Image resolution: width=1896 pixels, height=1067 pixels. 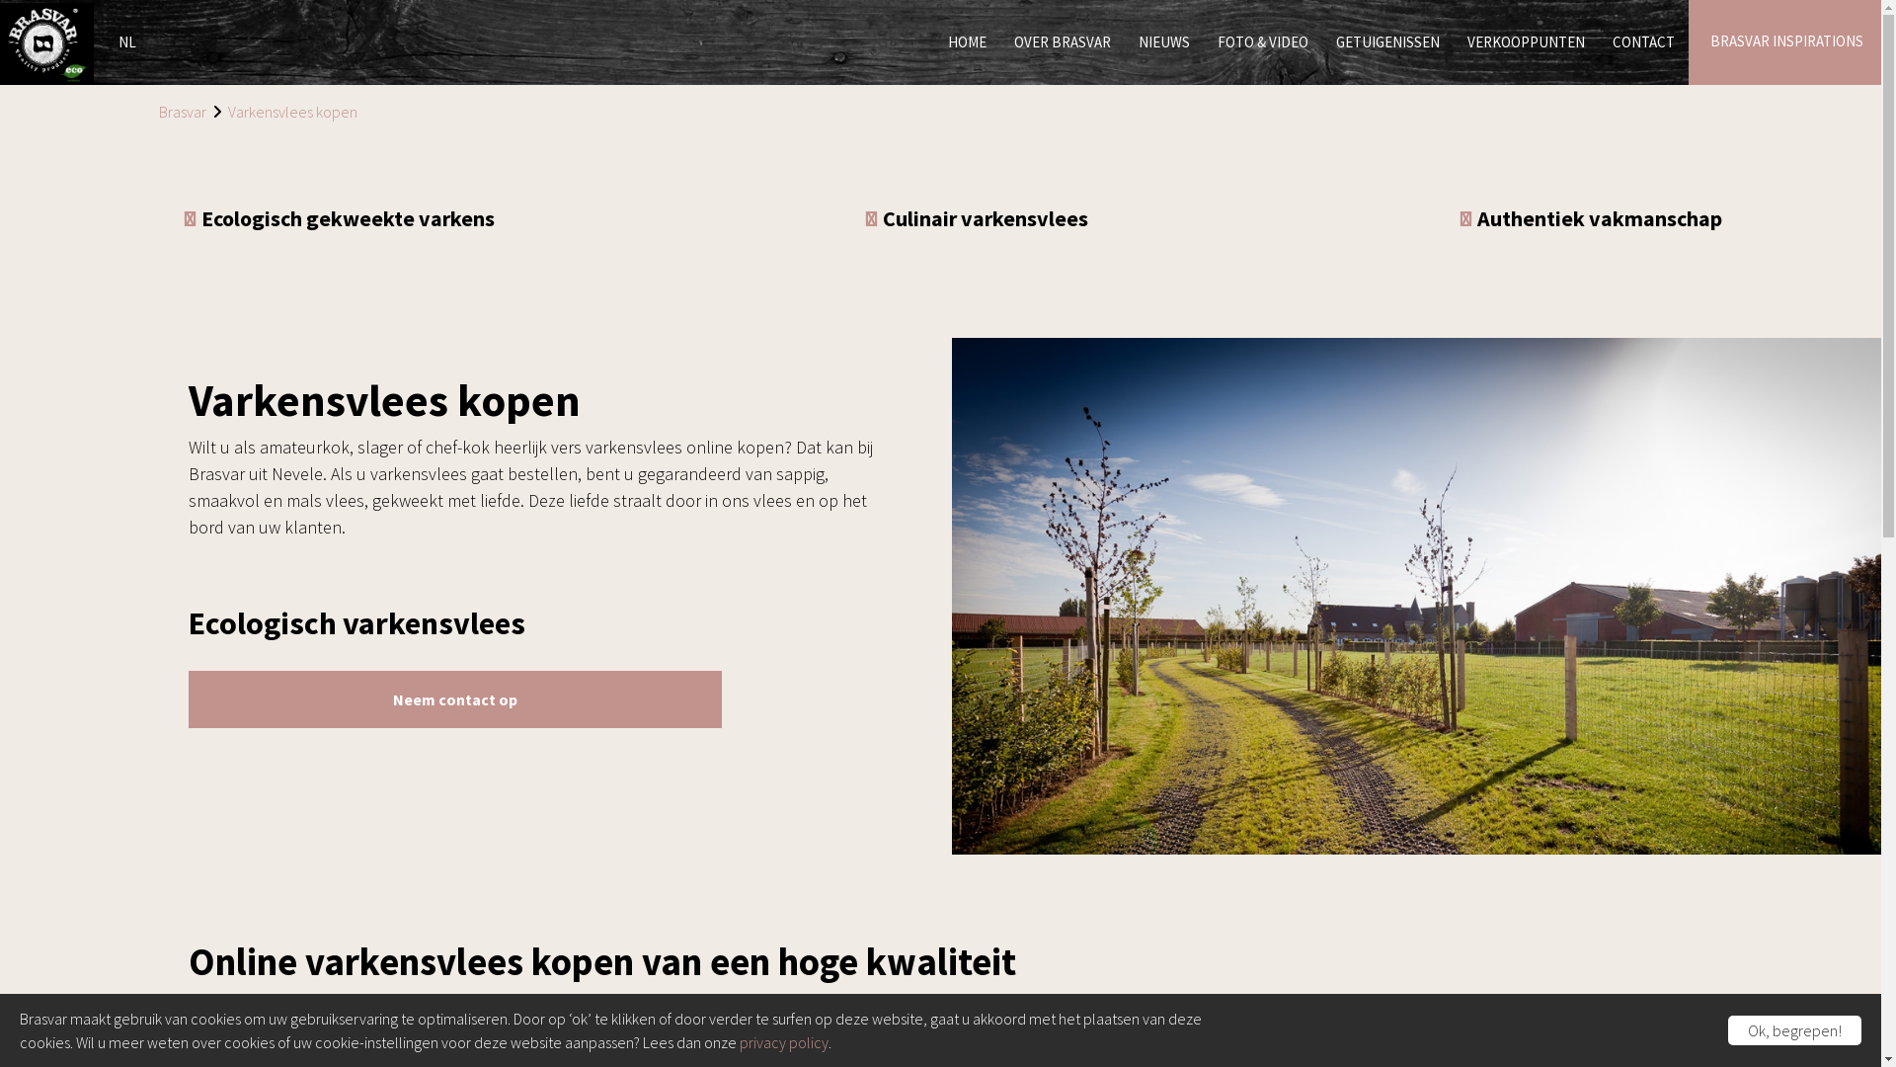 I want to click on 'HOME', so click(x=967, y=42).